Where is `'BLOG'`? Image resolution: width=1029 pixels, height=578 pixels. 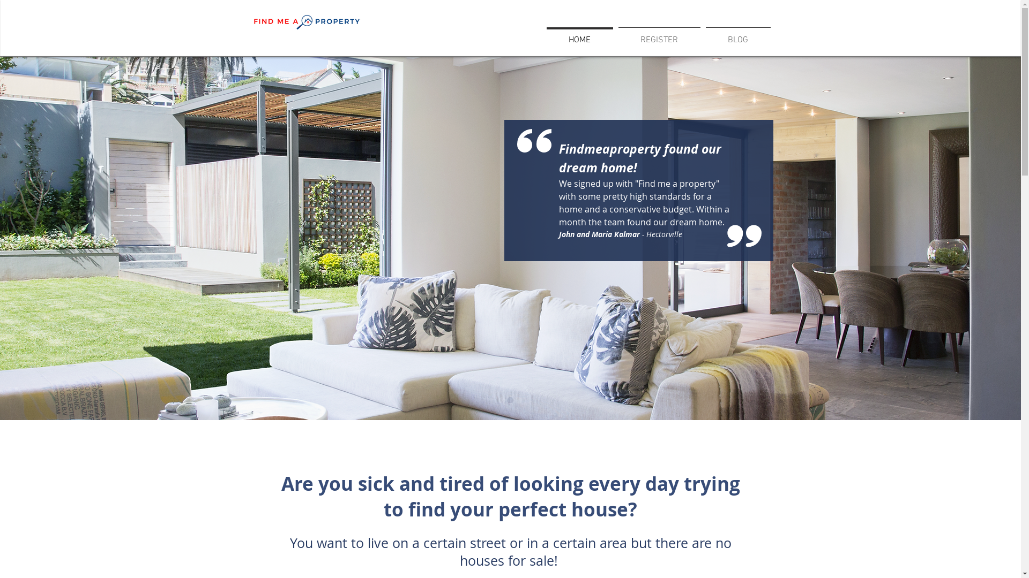
'BLOG' is located at coordinates (737, 34).